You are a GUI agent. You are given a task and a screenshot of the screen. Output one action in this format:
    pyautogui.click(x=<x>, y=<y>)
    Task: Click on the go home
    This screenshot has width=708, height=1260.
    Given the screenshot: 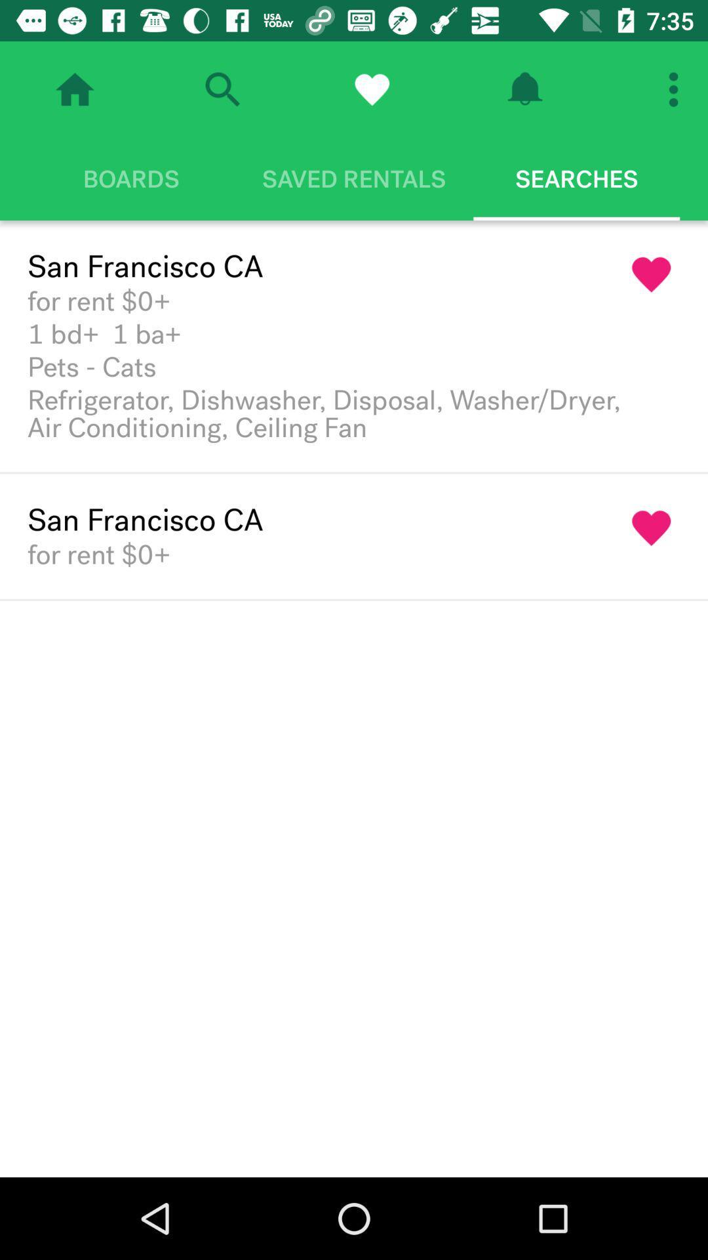 What is the action you would take?
    pyautogui.click(x=75, y=89)
    